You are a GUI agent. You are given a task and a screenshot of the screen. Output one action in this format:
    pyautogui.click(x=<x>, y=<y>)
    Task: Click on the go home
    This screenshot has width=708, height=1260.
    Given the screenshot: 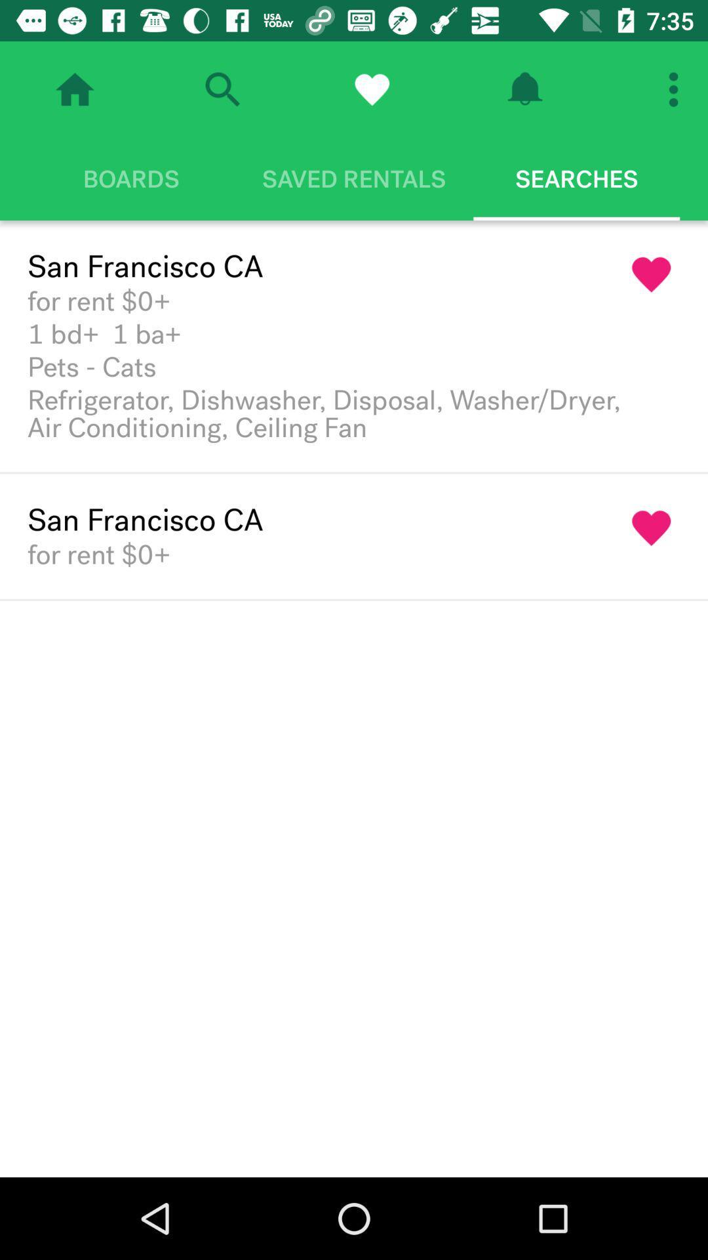 What is the action you would take?
    pyautogui.click(x=75, y=89)
    